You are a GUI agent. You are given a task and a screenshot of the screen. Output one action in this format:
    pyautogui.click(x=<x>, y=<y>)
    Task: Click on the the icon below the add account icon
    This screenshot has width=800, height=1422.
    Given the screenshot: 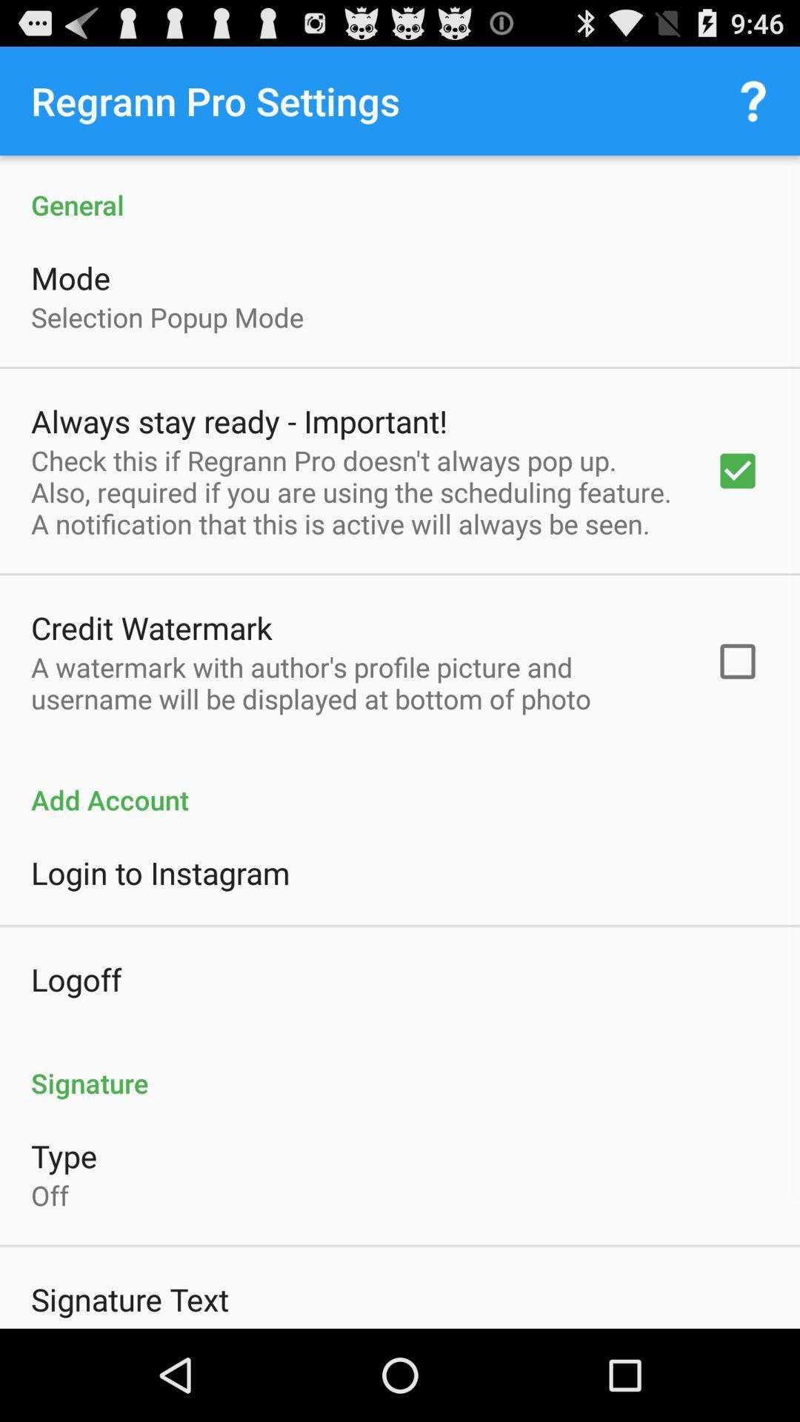 What is the action you would take?
    pyautogui.click(x=160, y=872)
    